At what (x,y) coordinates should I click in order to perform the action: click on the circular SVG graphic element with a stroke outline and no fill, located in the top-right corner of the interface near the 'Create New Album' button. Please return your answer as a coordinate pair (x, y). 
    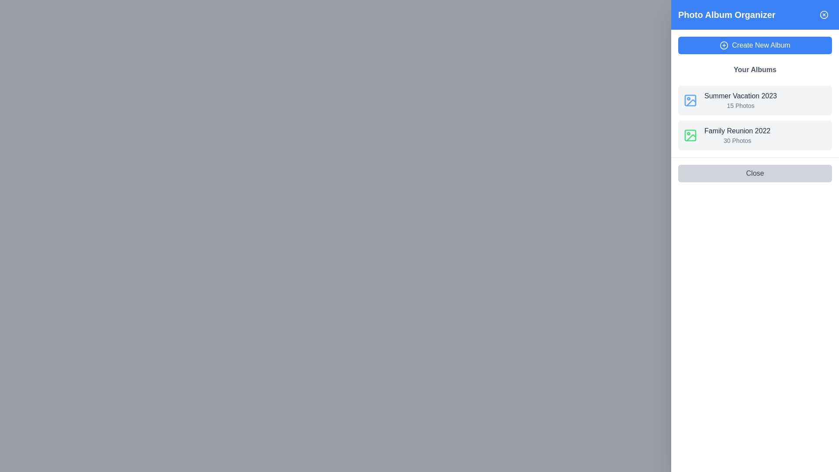
    Looking at the image, I should click on (724, 45).